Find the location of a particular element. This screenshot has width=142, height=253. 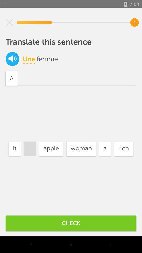

the volume icon is located at coordinates (12, 59).